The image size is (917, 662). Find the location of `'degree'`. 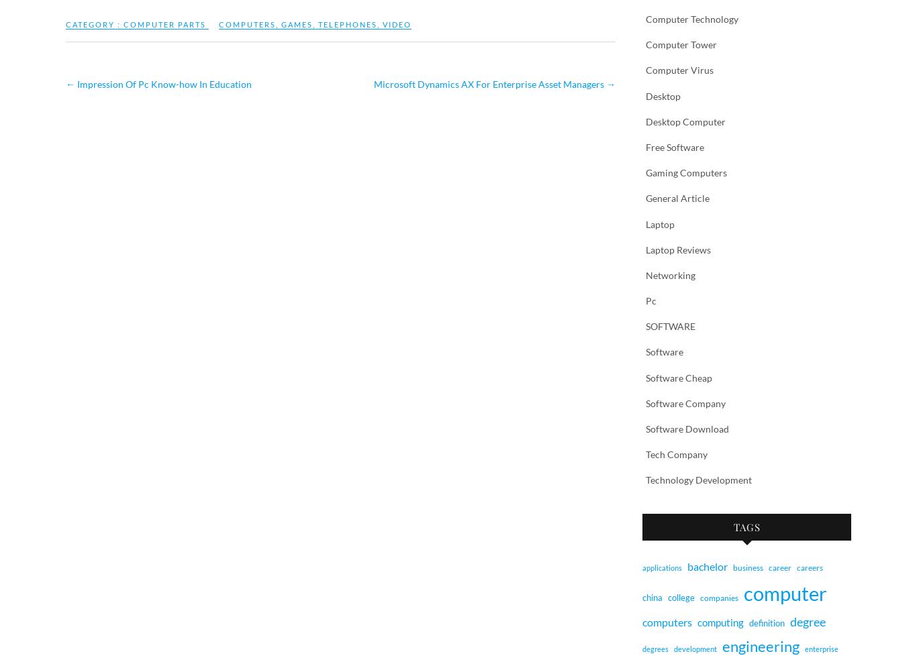

'degree' is located at coordinates (808, 621).